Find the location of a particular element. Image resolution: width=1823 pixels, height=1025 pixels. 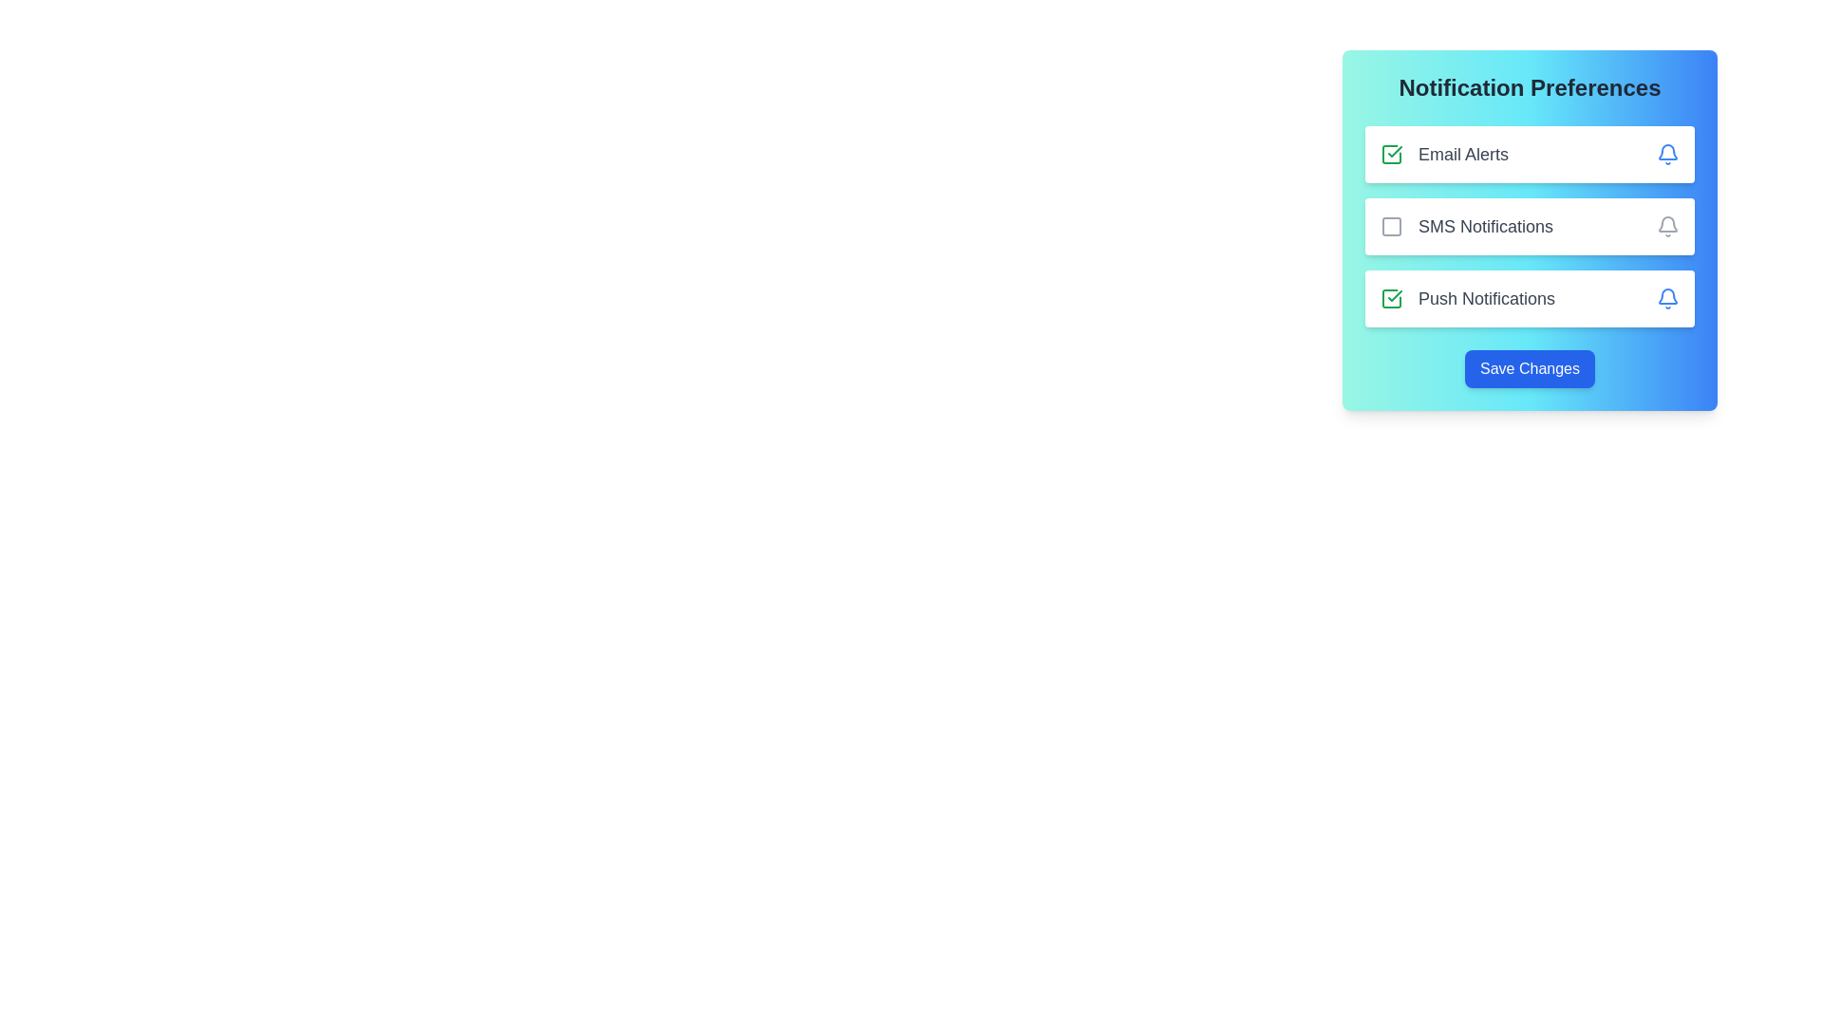

the notification preference toggle for 'Email Alerts' is located at coordinates (1530, 153).